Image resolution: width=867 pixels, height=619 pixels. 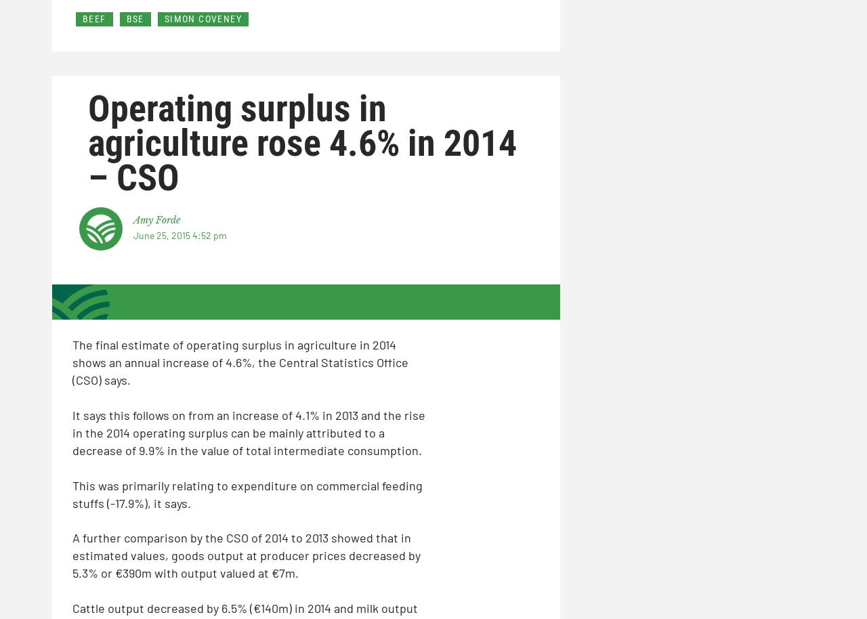 I want to click on 'This was primarily relating to expenditure on commercial feeding stuffs (-17.9%), it says.', so click(x=247, y=493).